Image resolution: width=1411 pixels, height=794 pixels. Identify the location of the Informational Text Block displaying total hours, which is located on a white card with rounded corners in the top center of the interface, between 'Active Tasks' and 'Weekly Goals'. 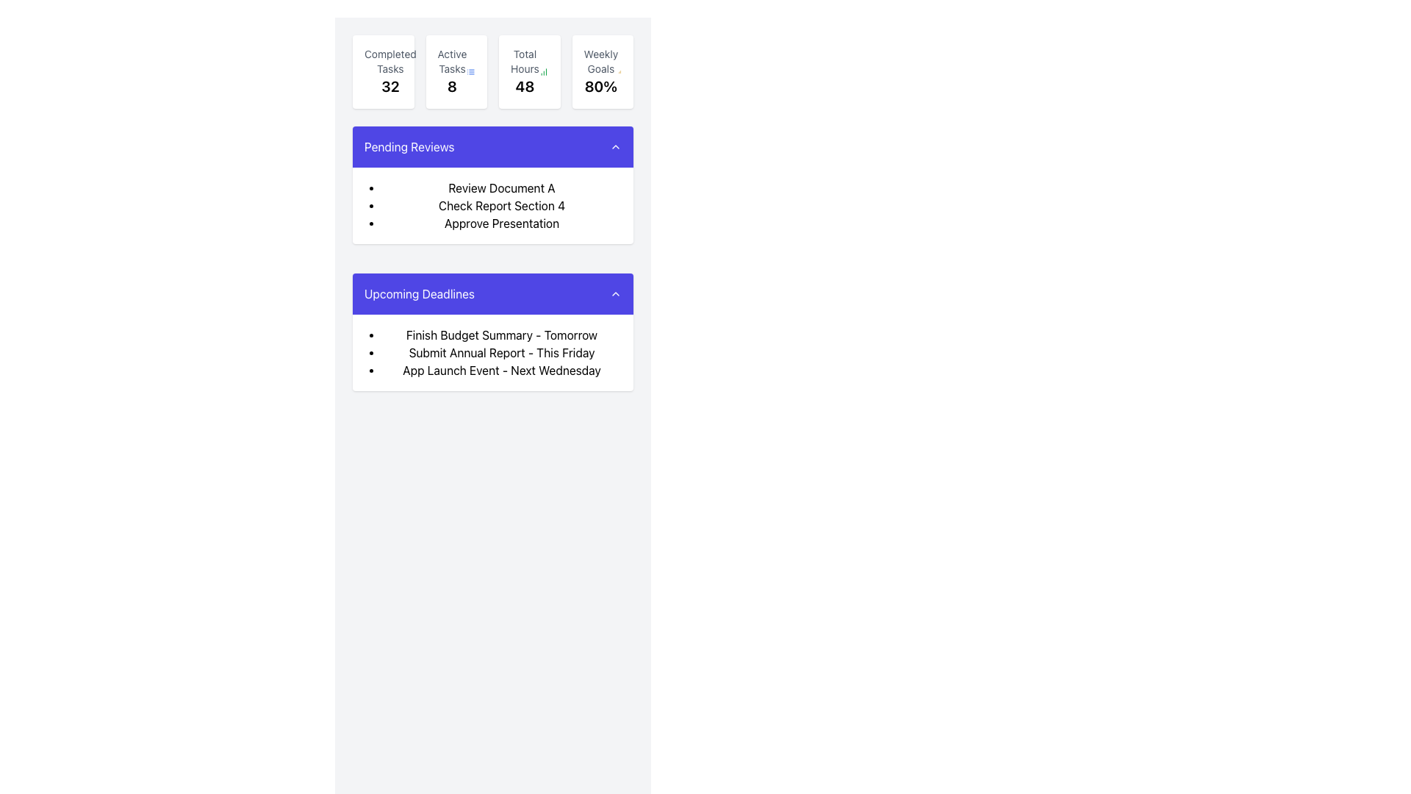
(525, 71).